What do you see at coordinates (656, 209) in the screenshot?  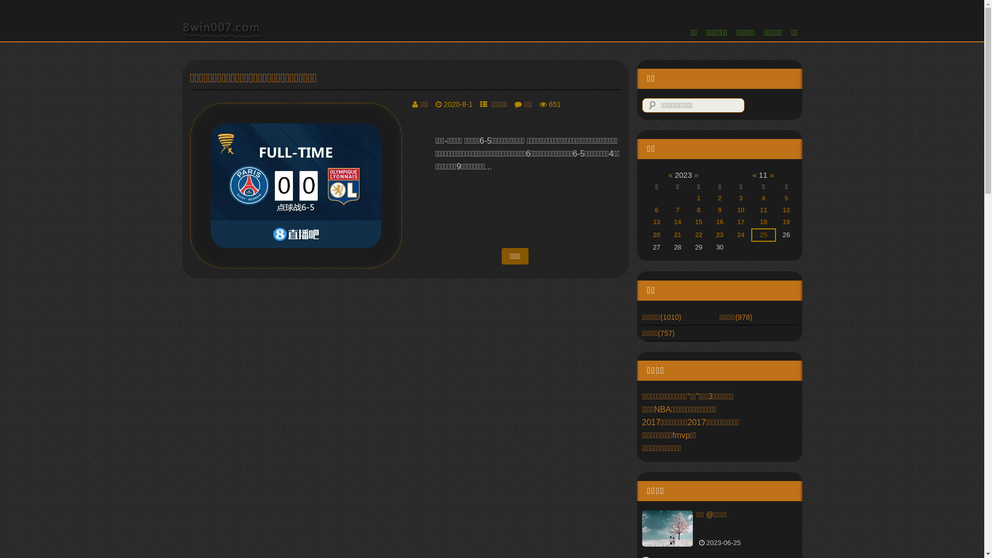 I see `'6'` at bounding box center [656, 209].